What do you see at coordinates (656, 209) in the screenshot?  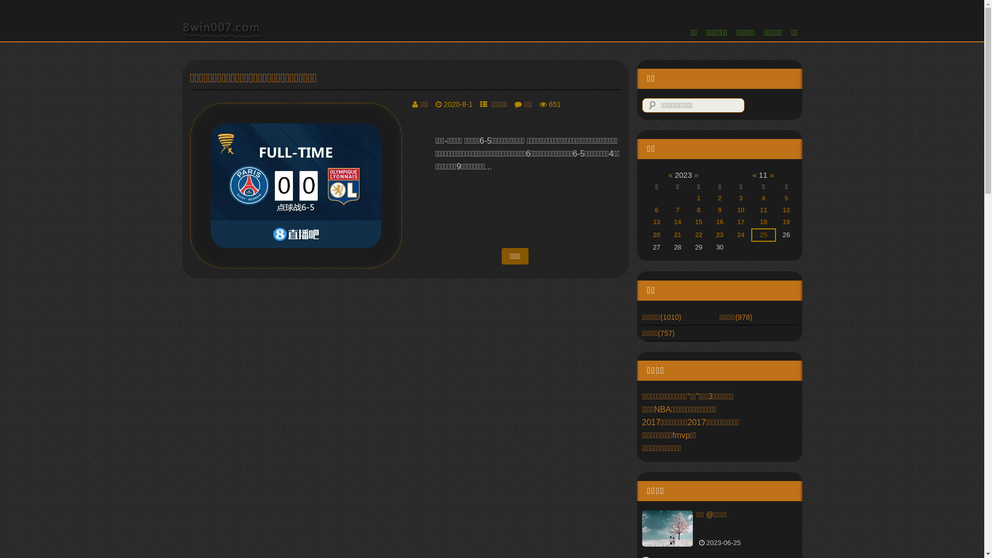 I see `'6'` at bounding box center [656, 209].